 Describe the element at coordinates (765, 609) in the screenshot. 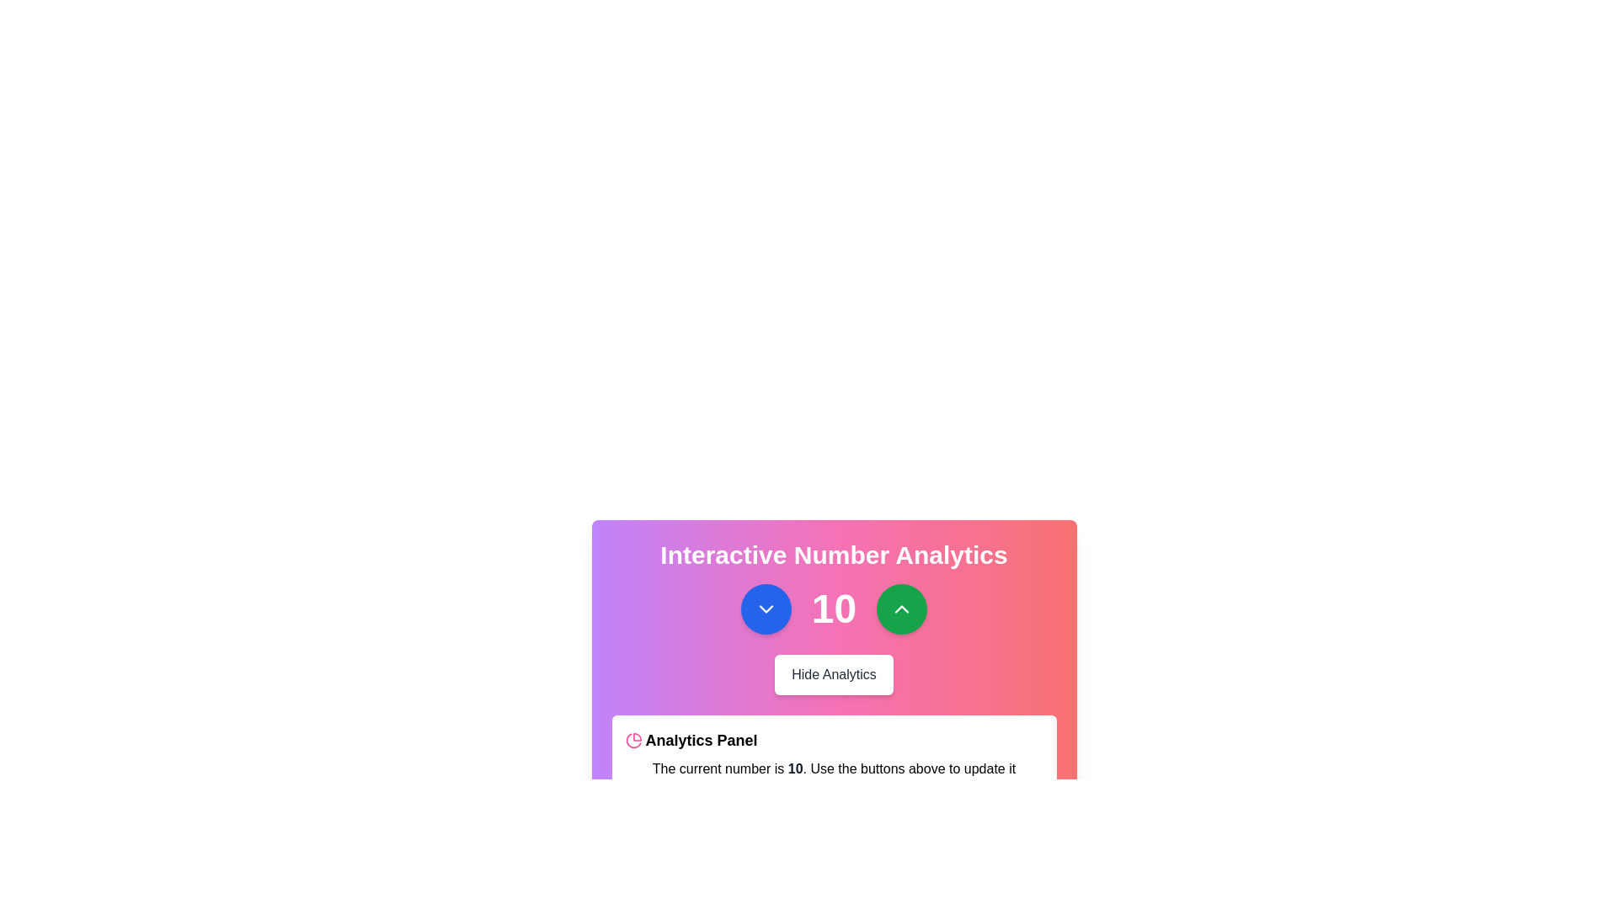

I see `the decrement button located to the left of the numeric value '10' in the 'Interactive Number Analytics' section to decrease the displayed number` at that location.